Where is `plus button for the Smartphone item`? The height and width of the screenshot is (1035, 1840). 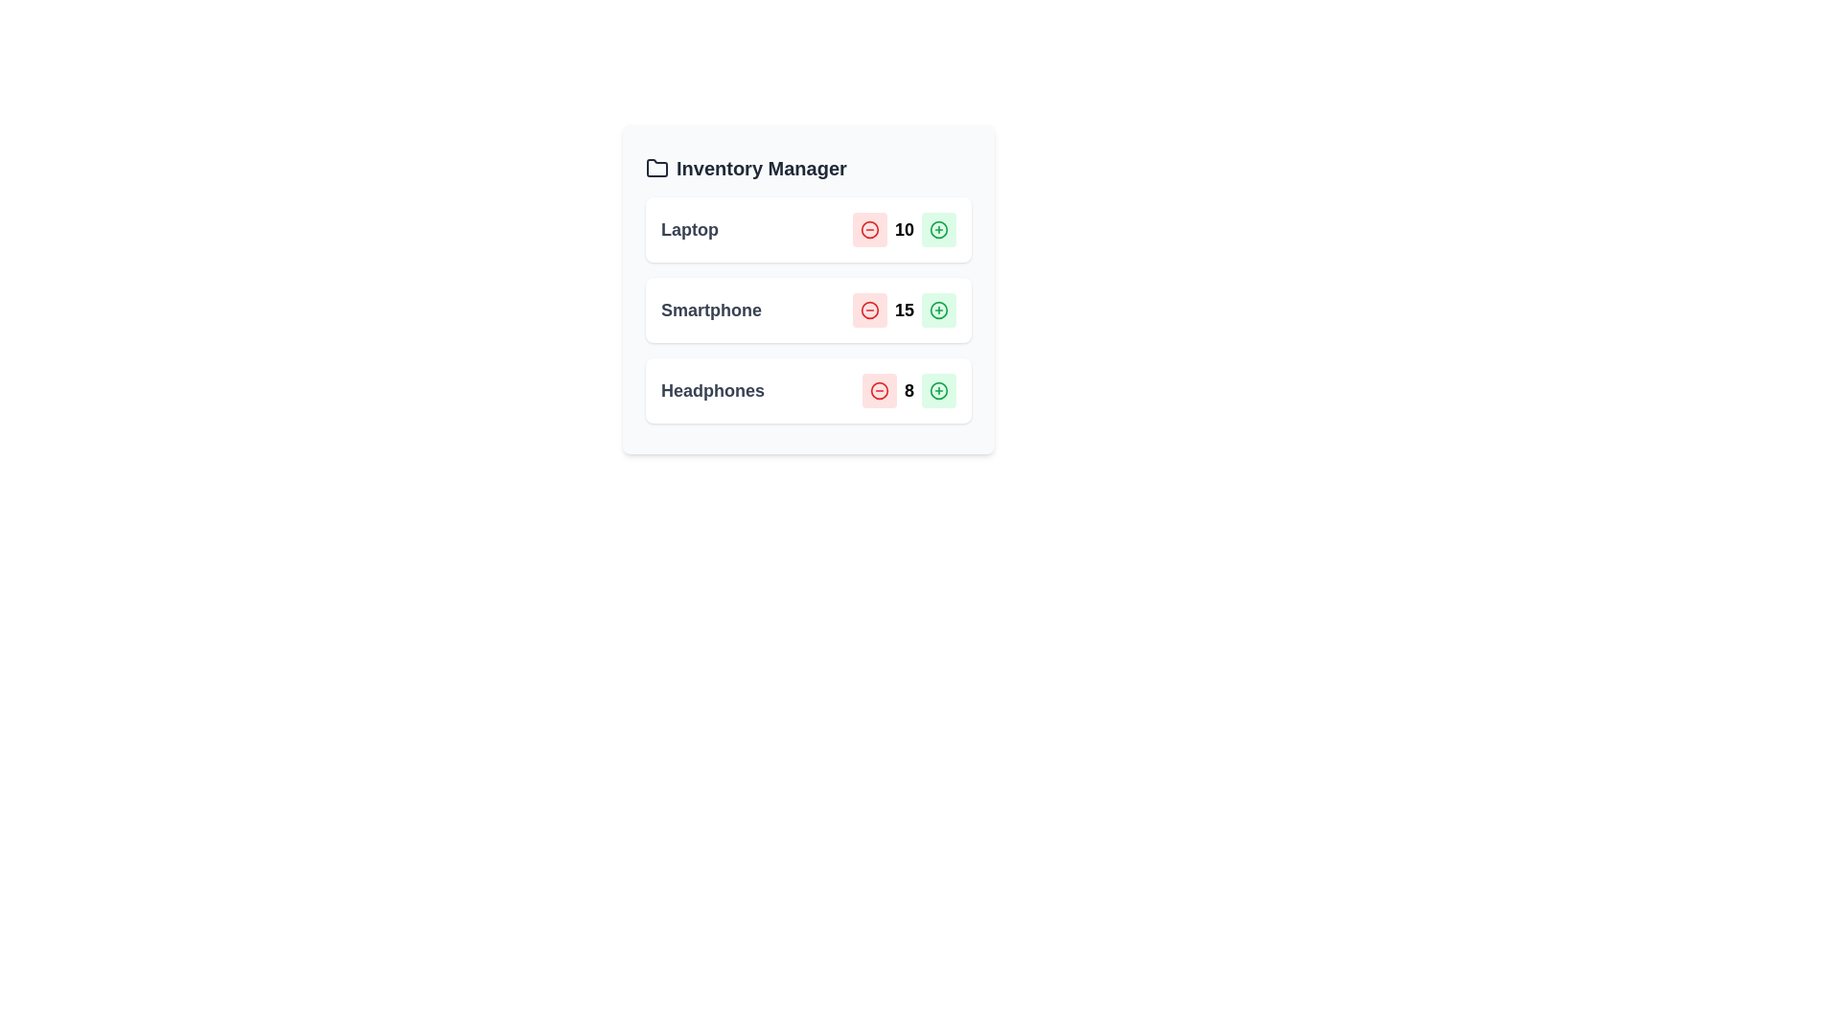 plus button for the Smartphone item is located at coordinates (938, 310).